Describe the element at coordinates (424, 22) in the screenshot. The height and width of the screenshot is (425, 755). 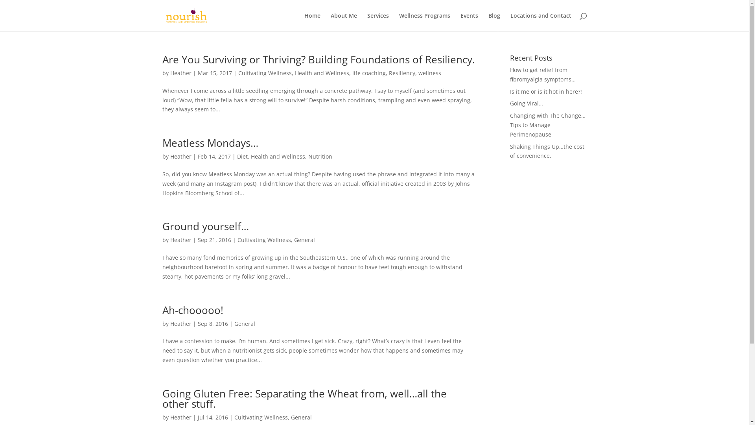
I see `'Wellness Programs'` at that location.